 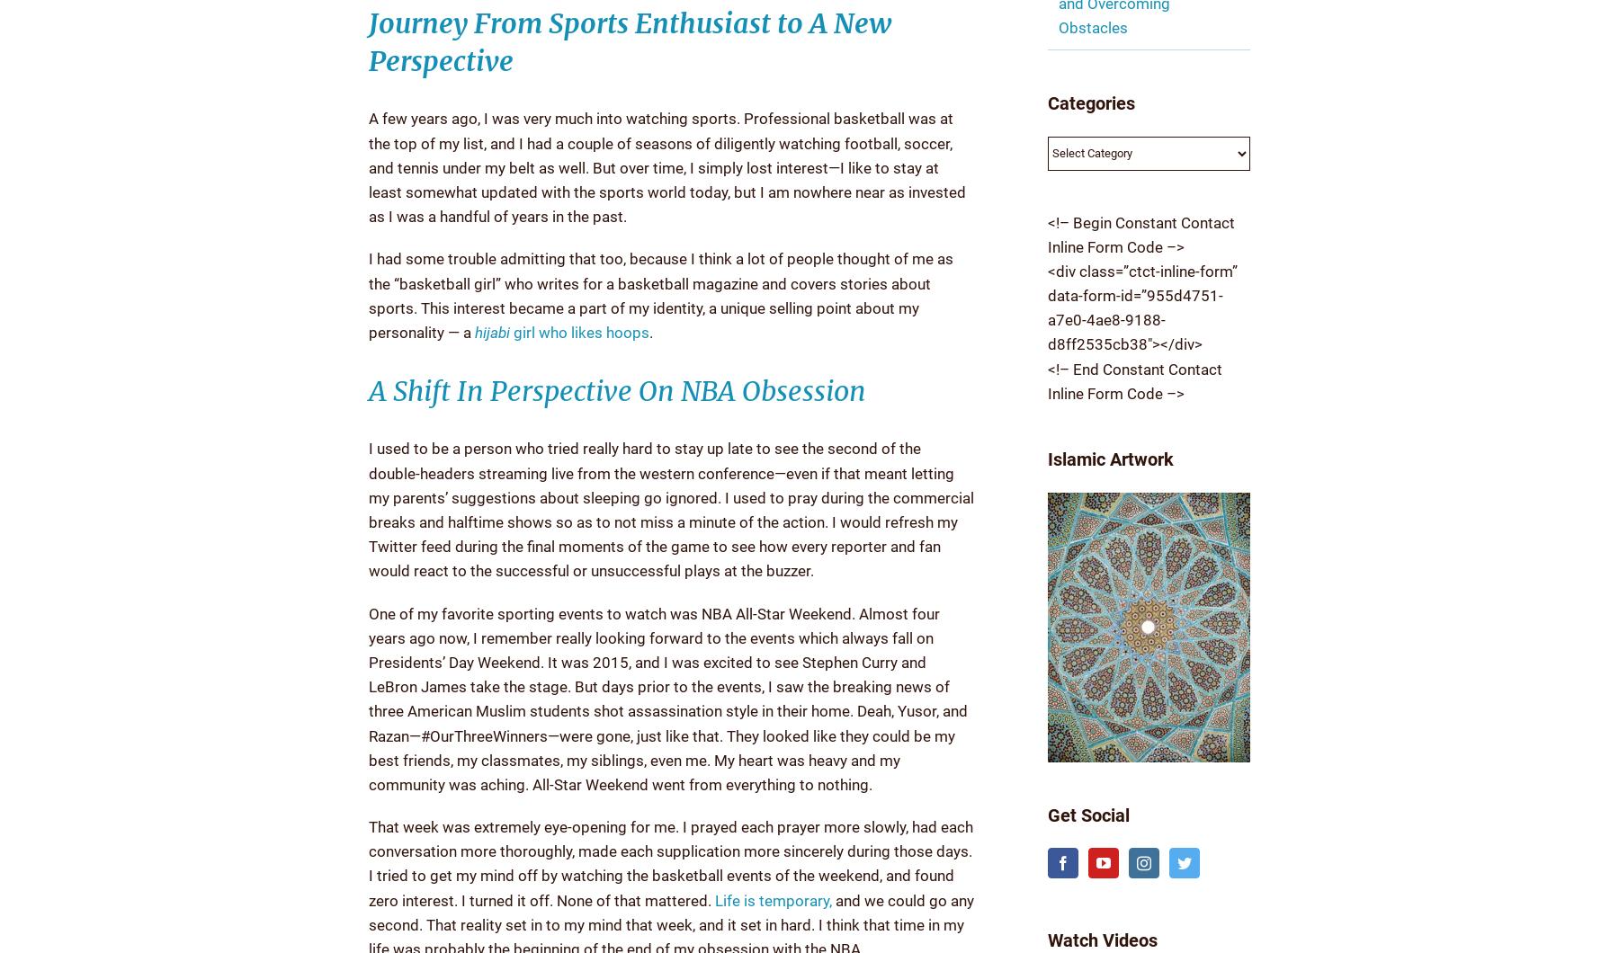 What do you see at coordinates (667, 697) in the screenshot?
I see `'One of my favorite sporting events to watch was NBA All-Star Weekend. Almost four years ago now, I remember really looking forward to the events which always fall on Presidents’ Day Weekend. It was 2015, and I was excited to see Stephen Curry and LeBron James take the stage. But days prior to the events, I saw the breaking news of three American Muslim students shot assassination style in their home. Deah, Yusor, and Razan—#OurThreeWinners—were gone, just like that. They looked like they could be my best friends, my classmates, my siblings, even me. My heart was heavy and my community was aching. All-Star Weekend went from everything to nothing.'` at bounding box center [667, 697].